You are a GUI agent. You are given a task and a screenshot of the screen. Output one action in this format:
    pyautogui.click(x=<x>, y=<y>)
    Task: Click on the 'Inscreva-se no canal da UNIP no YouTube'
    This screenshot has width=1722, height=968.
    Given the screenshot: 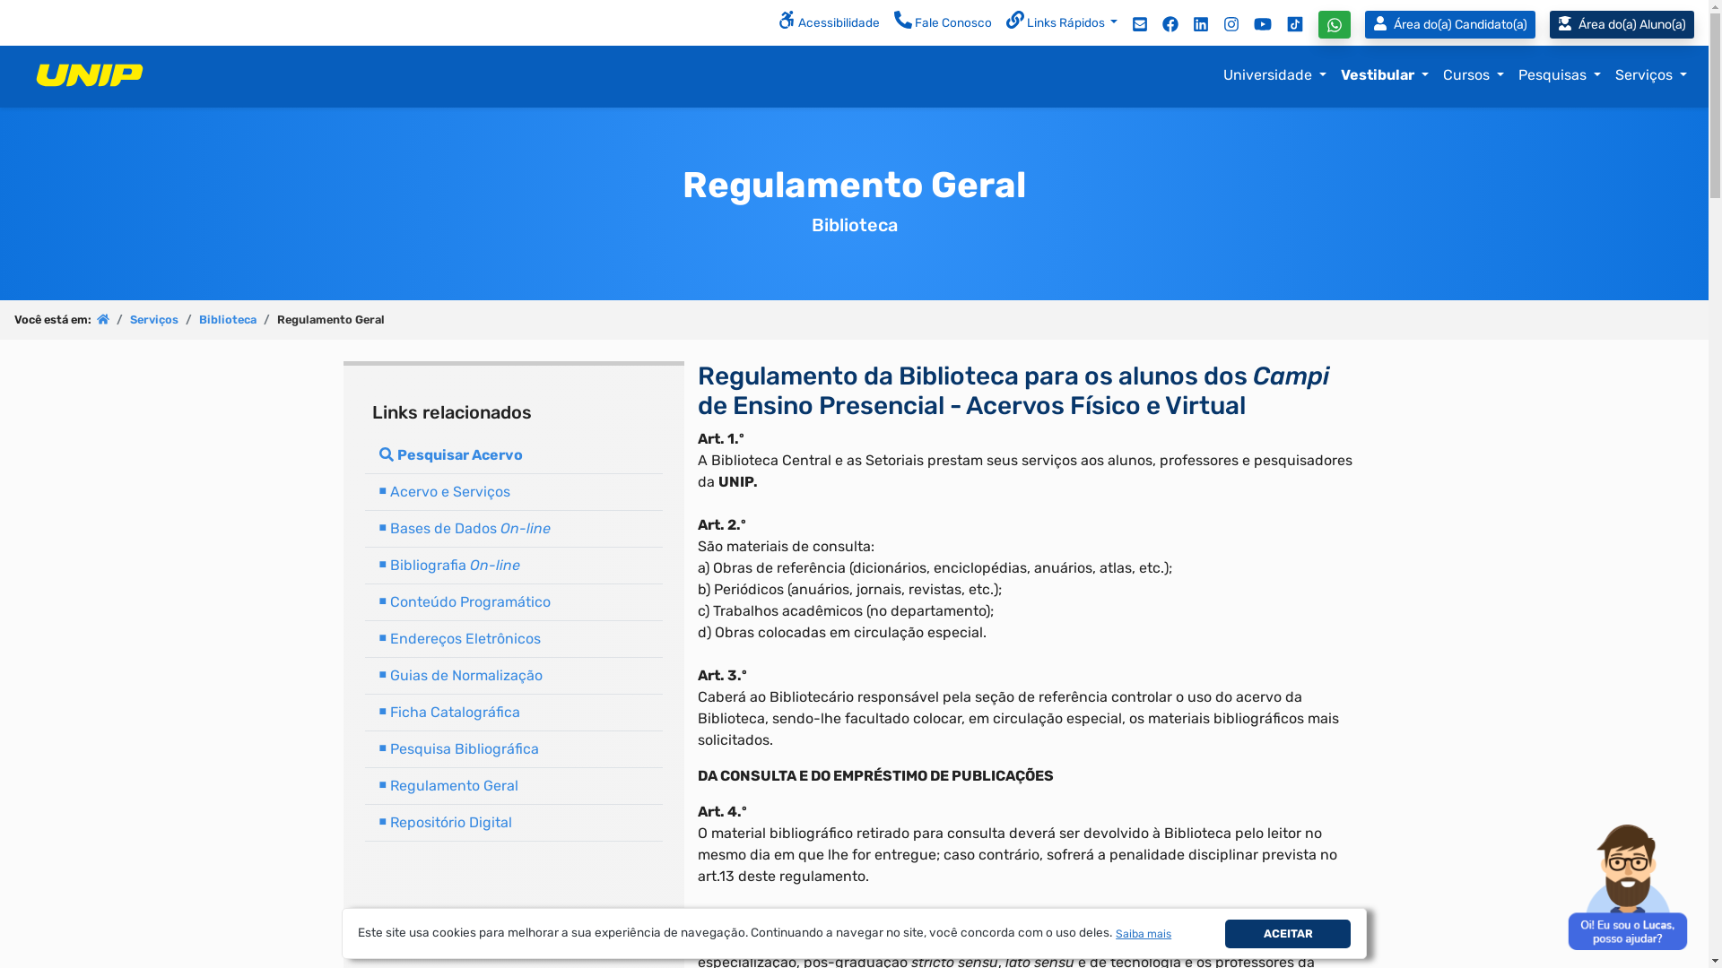 What is the action you would take?
    pyautogui.click(x=1261, y=23)
    